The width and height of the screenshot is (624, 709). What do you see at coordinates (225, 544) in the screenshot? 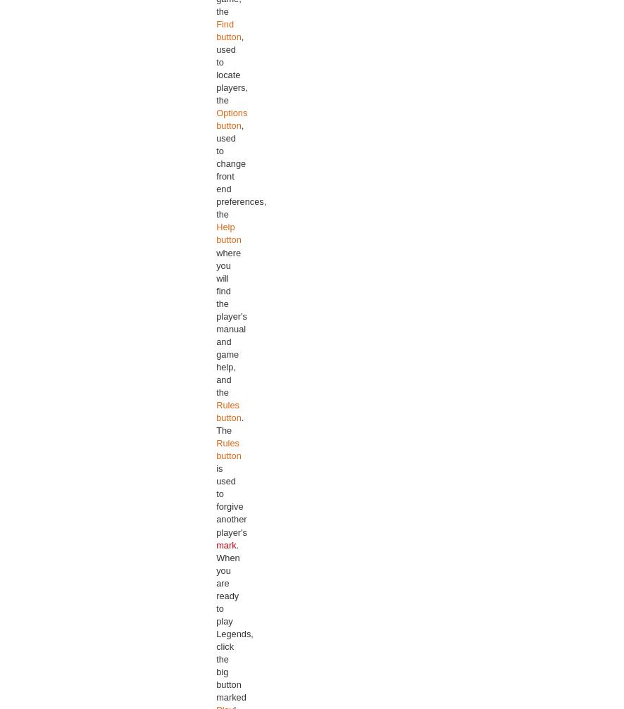
I see `'mark'` at bounding box center [225, 544].